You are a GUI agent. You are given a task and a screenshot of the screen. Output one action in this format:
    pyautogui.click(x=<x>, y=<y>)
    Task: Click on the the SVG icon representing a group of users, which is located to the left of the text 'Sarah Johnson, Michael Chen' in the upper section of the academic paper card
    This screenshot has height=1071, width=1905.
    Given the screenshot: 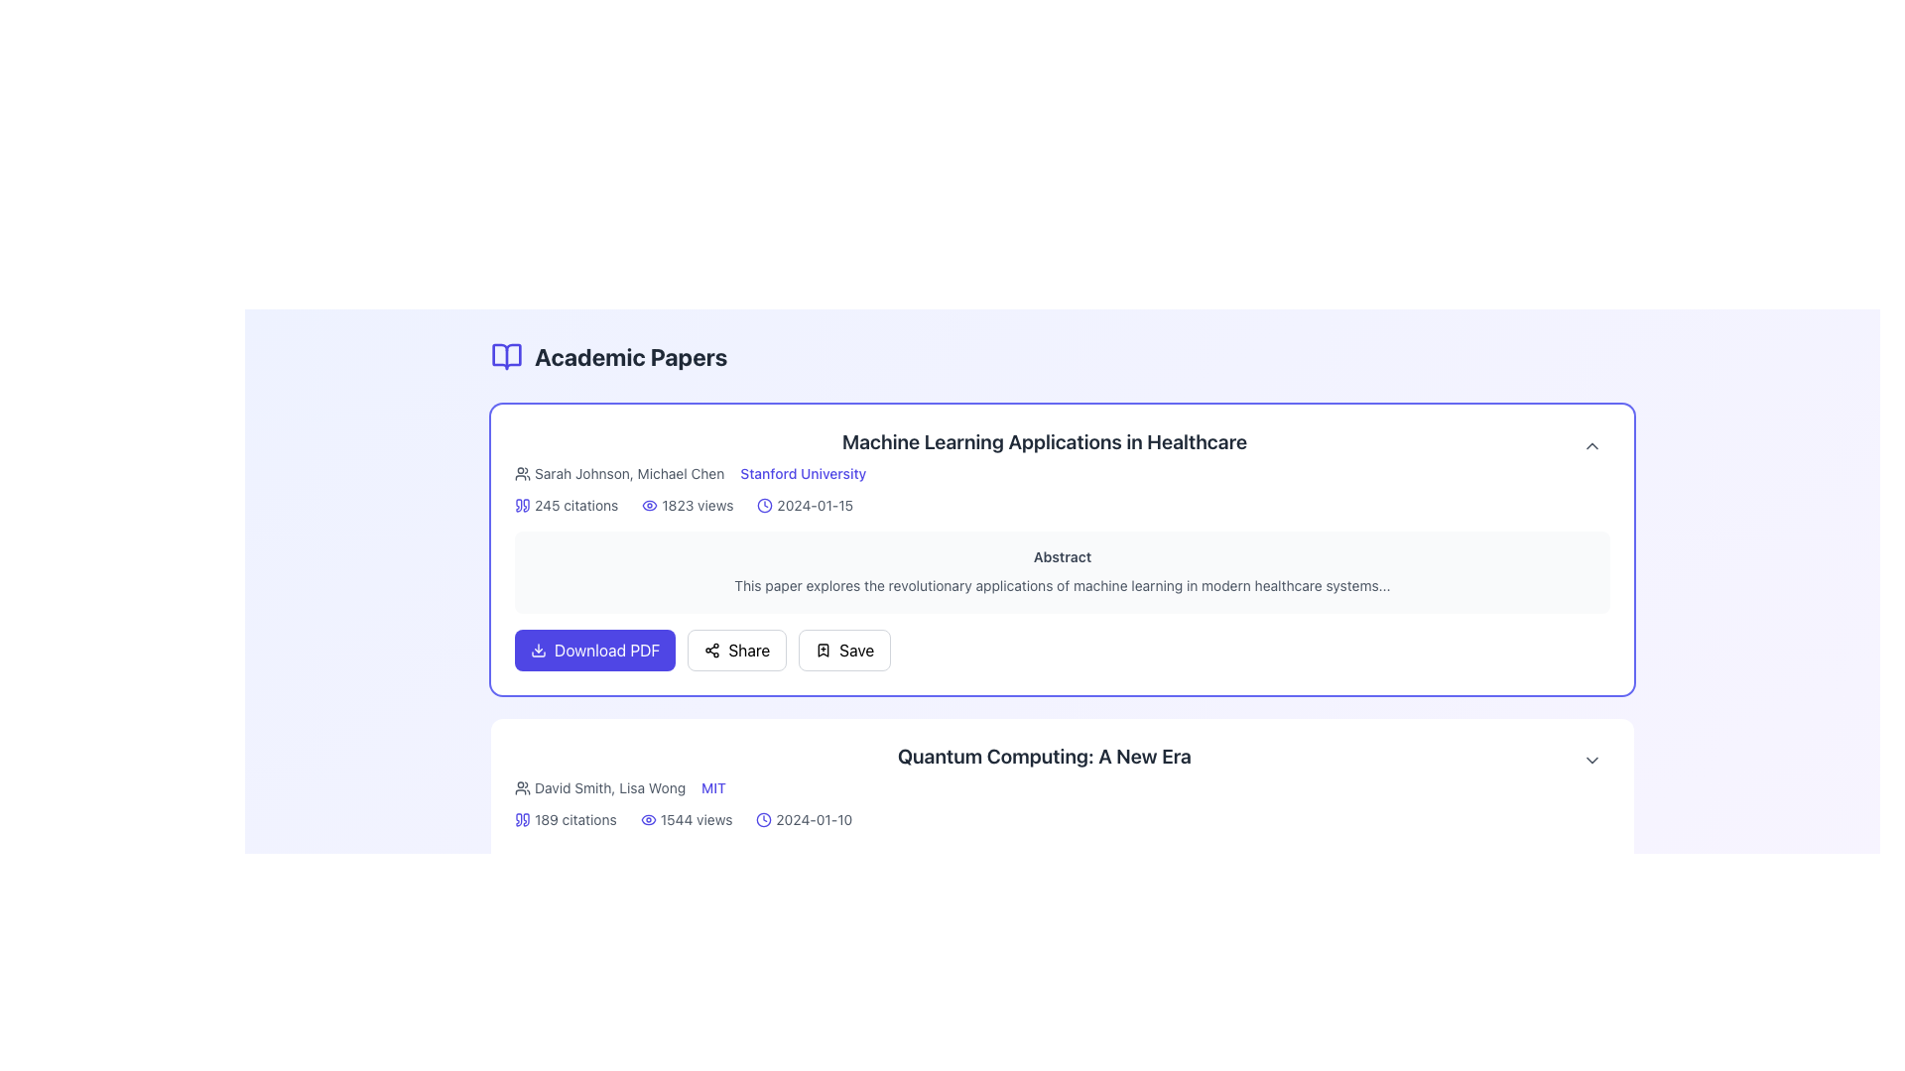 What is the action you would take?
    pyautogui.click(x=523, y=474)
    